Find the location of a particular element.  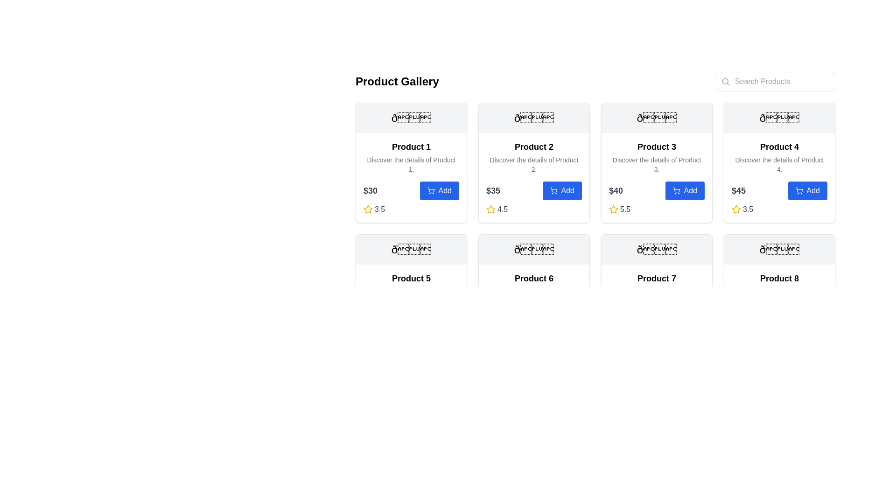

the decorative circular icon within the magnifying glass search icon located at the top right corner of the interface is located at coordinates (725, 81).